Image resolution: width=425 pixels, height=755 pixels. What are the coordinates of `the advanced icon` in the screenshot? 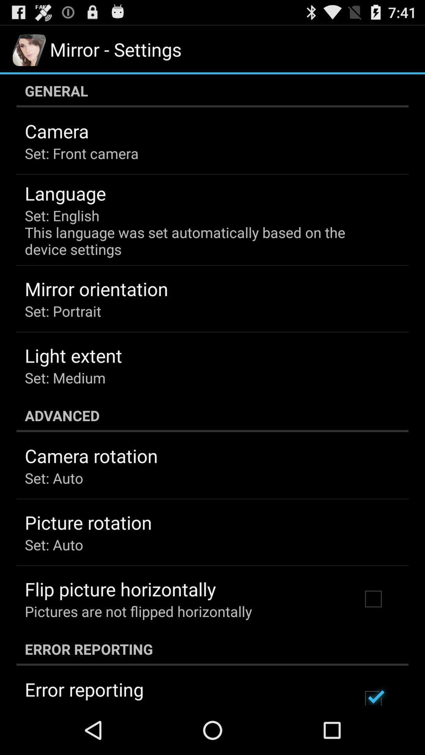 It's located at (213, 415).